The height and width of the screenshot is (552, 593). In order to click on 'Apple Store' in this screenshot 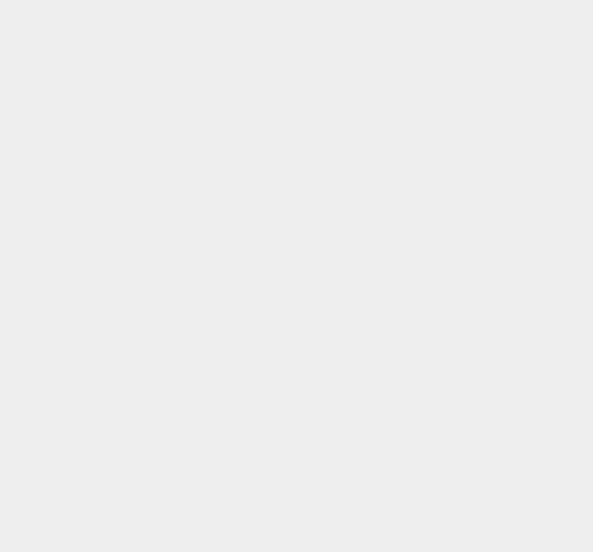, I will do `click(419, 347)`.